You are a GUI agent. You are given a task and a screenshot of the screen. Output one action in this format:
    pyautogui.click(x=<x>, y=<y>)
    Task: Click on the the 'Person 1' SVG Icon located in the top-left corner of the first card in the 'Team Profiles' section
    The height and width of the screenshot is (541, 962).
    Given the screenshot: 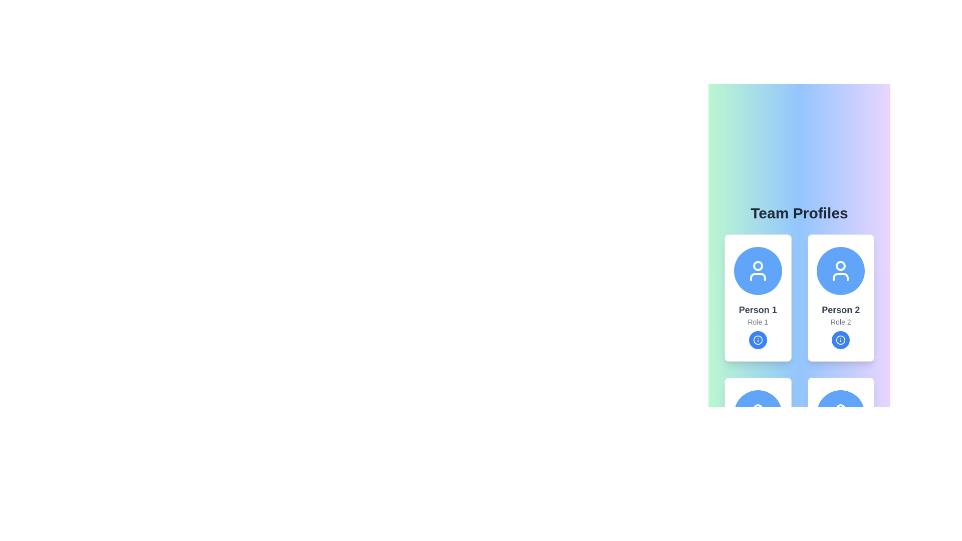 What is the action you would take?
    pyautogui.click(x=758, y=270)
    